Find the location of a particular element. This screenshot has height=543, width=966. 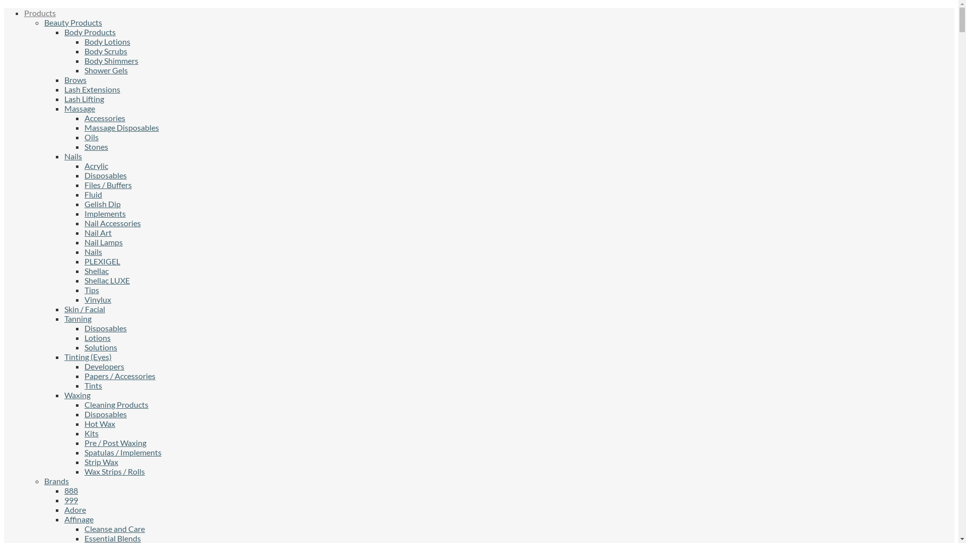

'Accessories' is located at coordinates (105, 117).